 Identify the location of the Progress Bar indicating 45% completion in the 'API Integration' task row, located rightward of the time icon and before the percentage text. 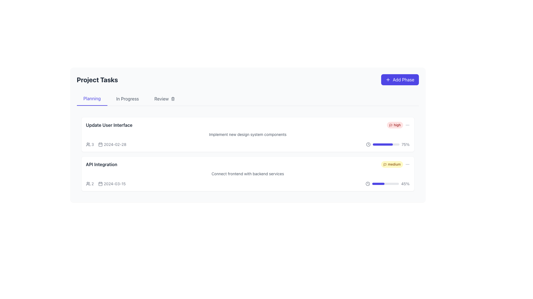
(387, 184).